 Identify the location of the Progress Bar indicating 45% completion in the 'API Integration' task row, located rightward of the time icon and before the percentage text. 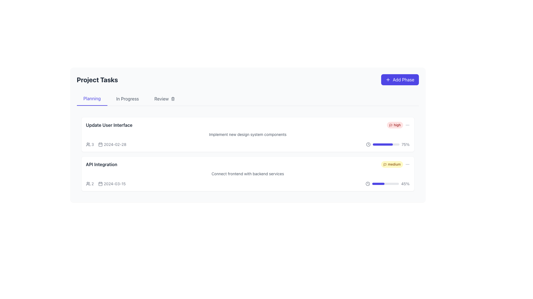
(387, 184).